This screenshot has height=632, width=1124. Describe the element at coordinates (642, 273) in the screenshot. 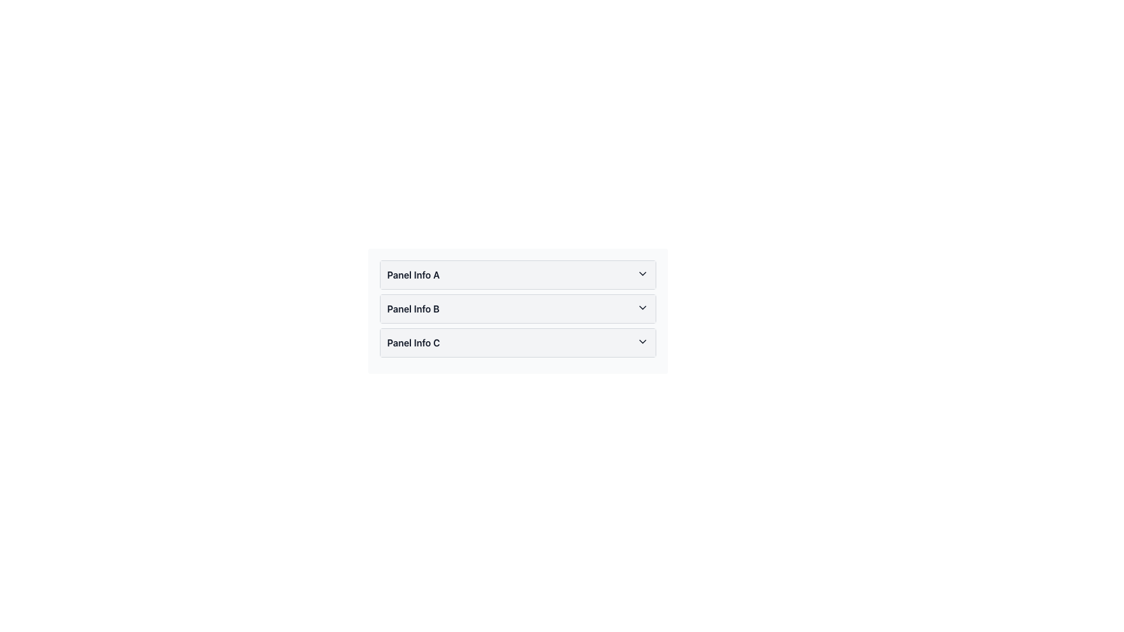

I see `the collapsible icon at the right end of the panel labeled 'Panel Info A'` at that location.